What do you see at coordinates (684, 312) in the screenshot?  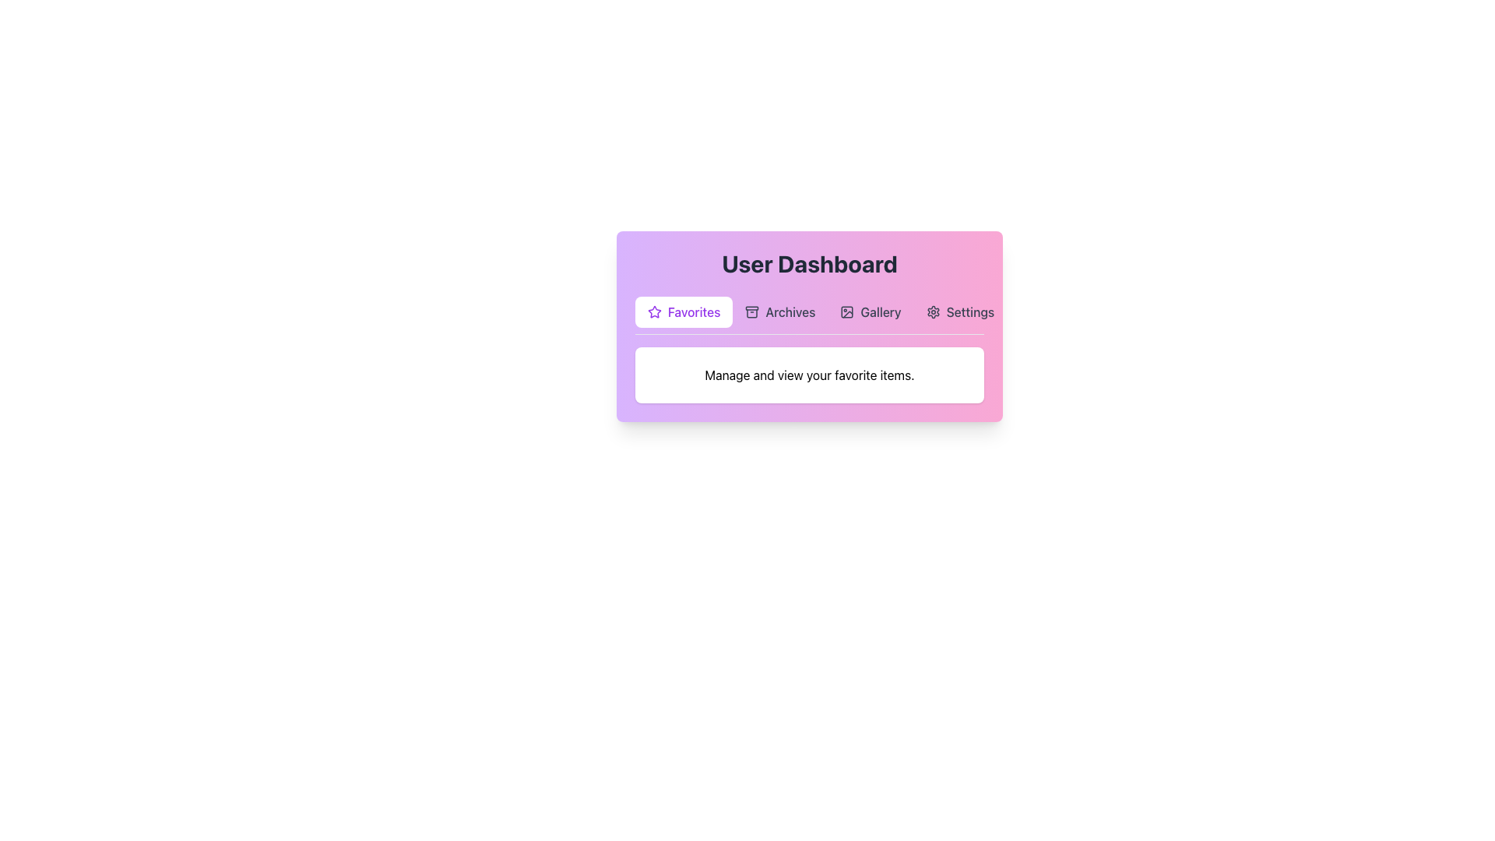 I see `the 'Favorites' navigation button located in the top left section of the navigation bar to possibly trigger a tooltip or hover effect` at bounding box center [684, 312].